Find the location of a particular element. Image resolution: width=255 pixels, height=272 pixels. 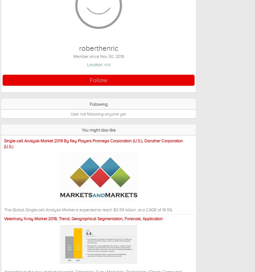

'Location: n/a' is located at coordinates (86, 64).